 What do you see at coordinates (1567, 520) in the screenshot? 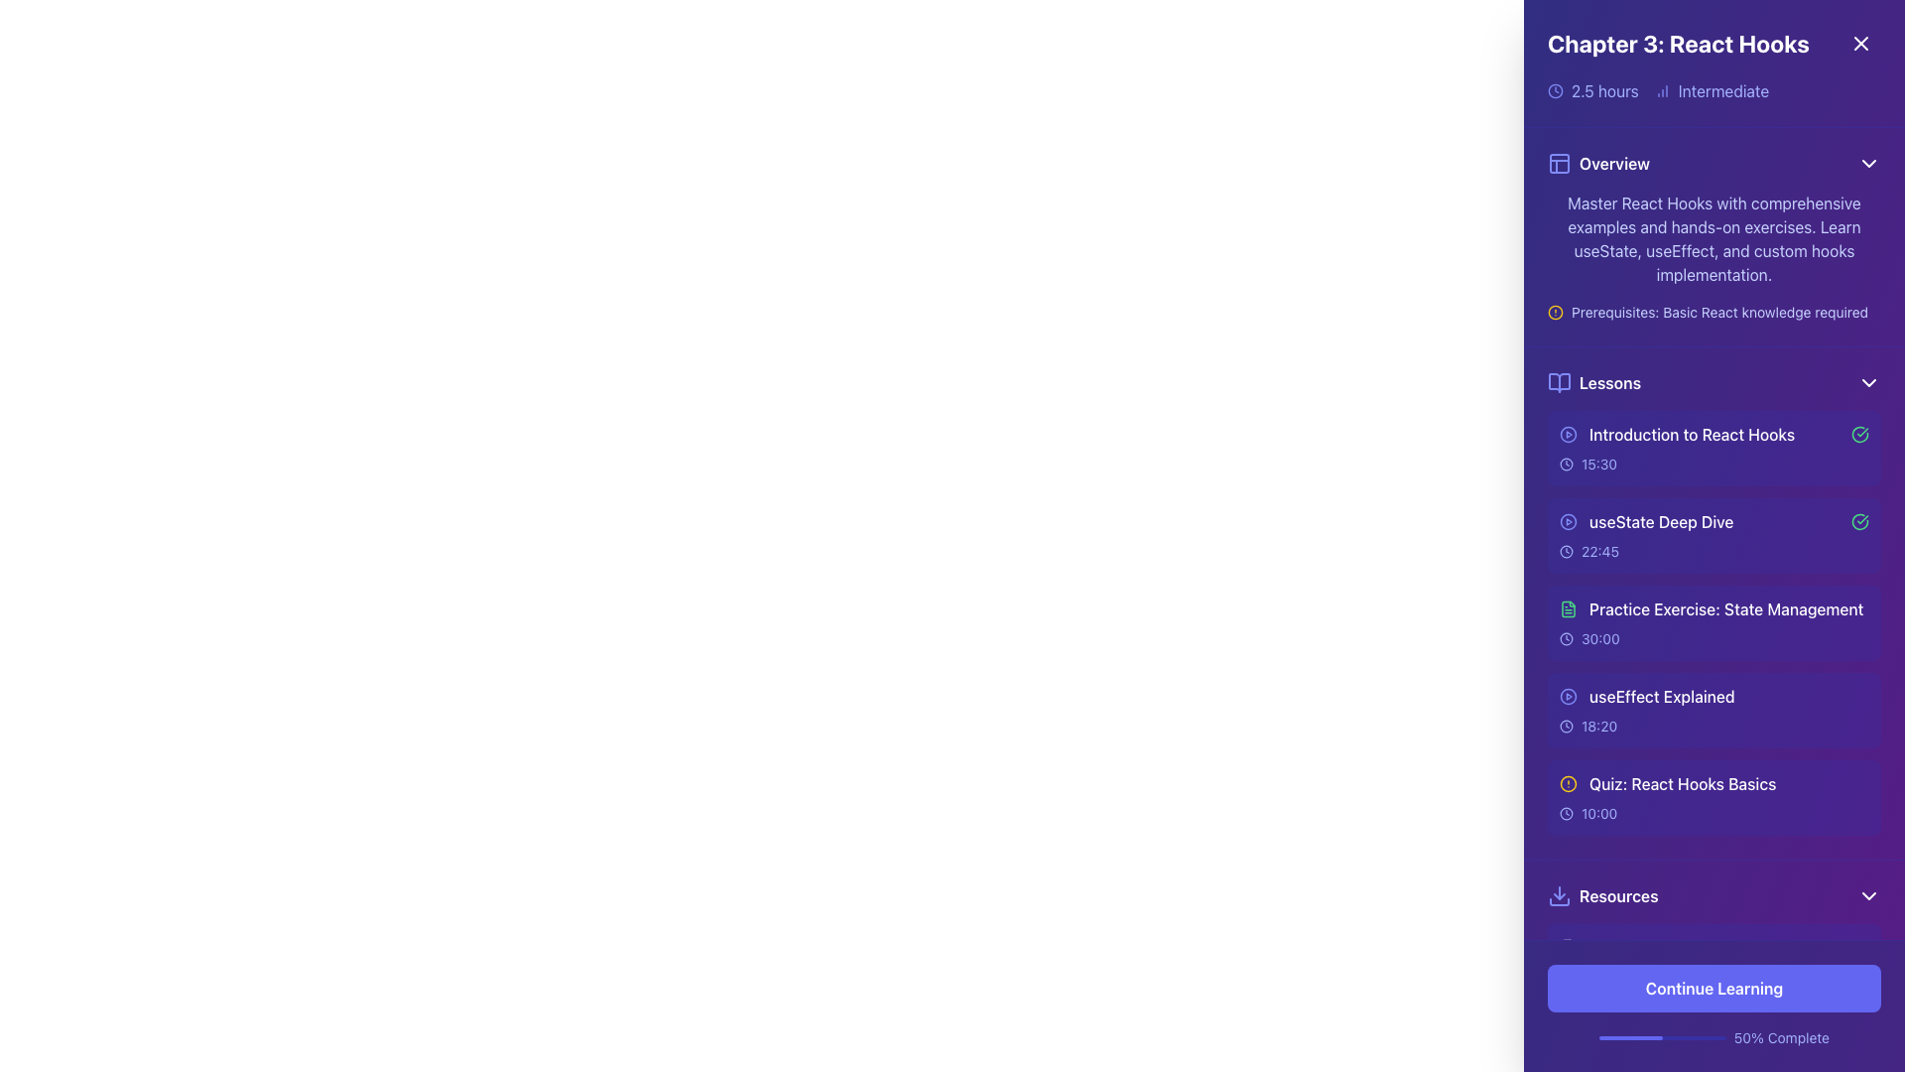
I see `the play button for the 'useState Deep Dive' video` at bounding box center [1567, 520].